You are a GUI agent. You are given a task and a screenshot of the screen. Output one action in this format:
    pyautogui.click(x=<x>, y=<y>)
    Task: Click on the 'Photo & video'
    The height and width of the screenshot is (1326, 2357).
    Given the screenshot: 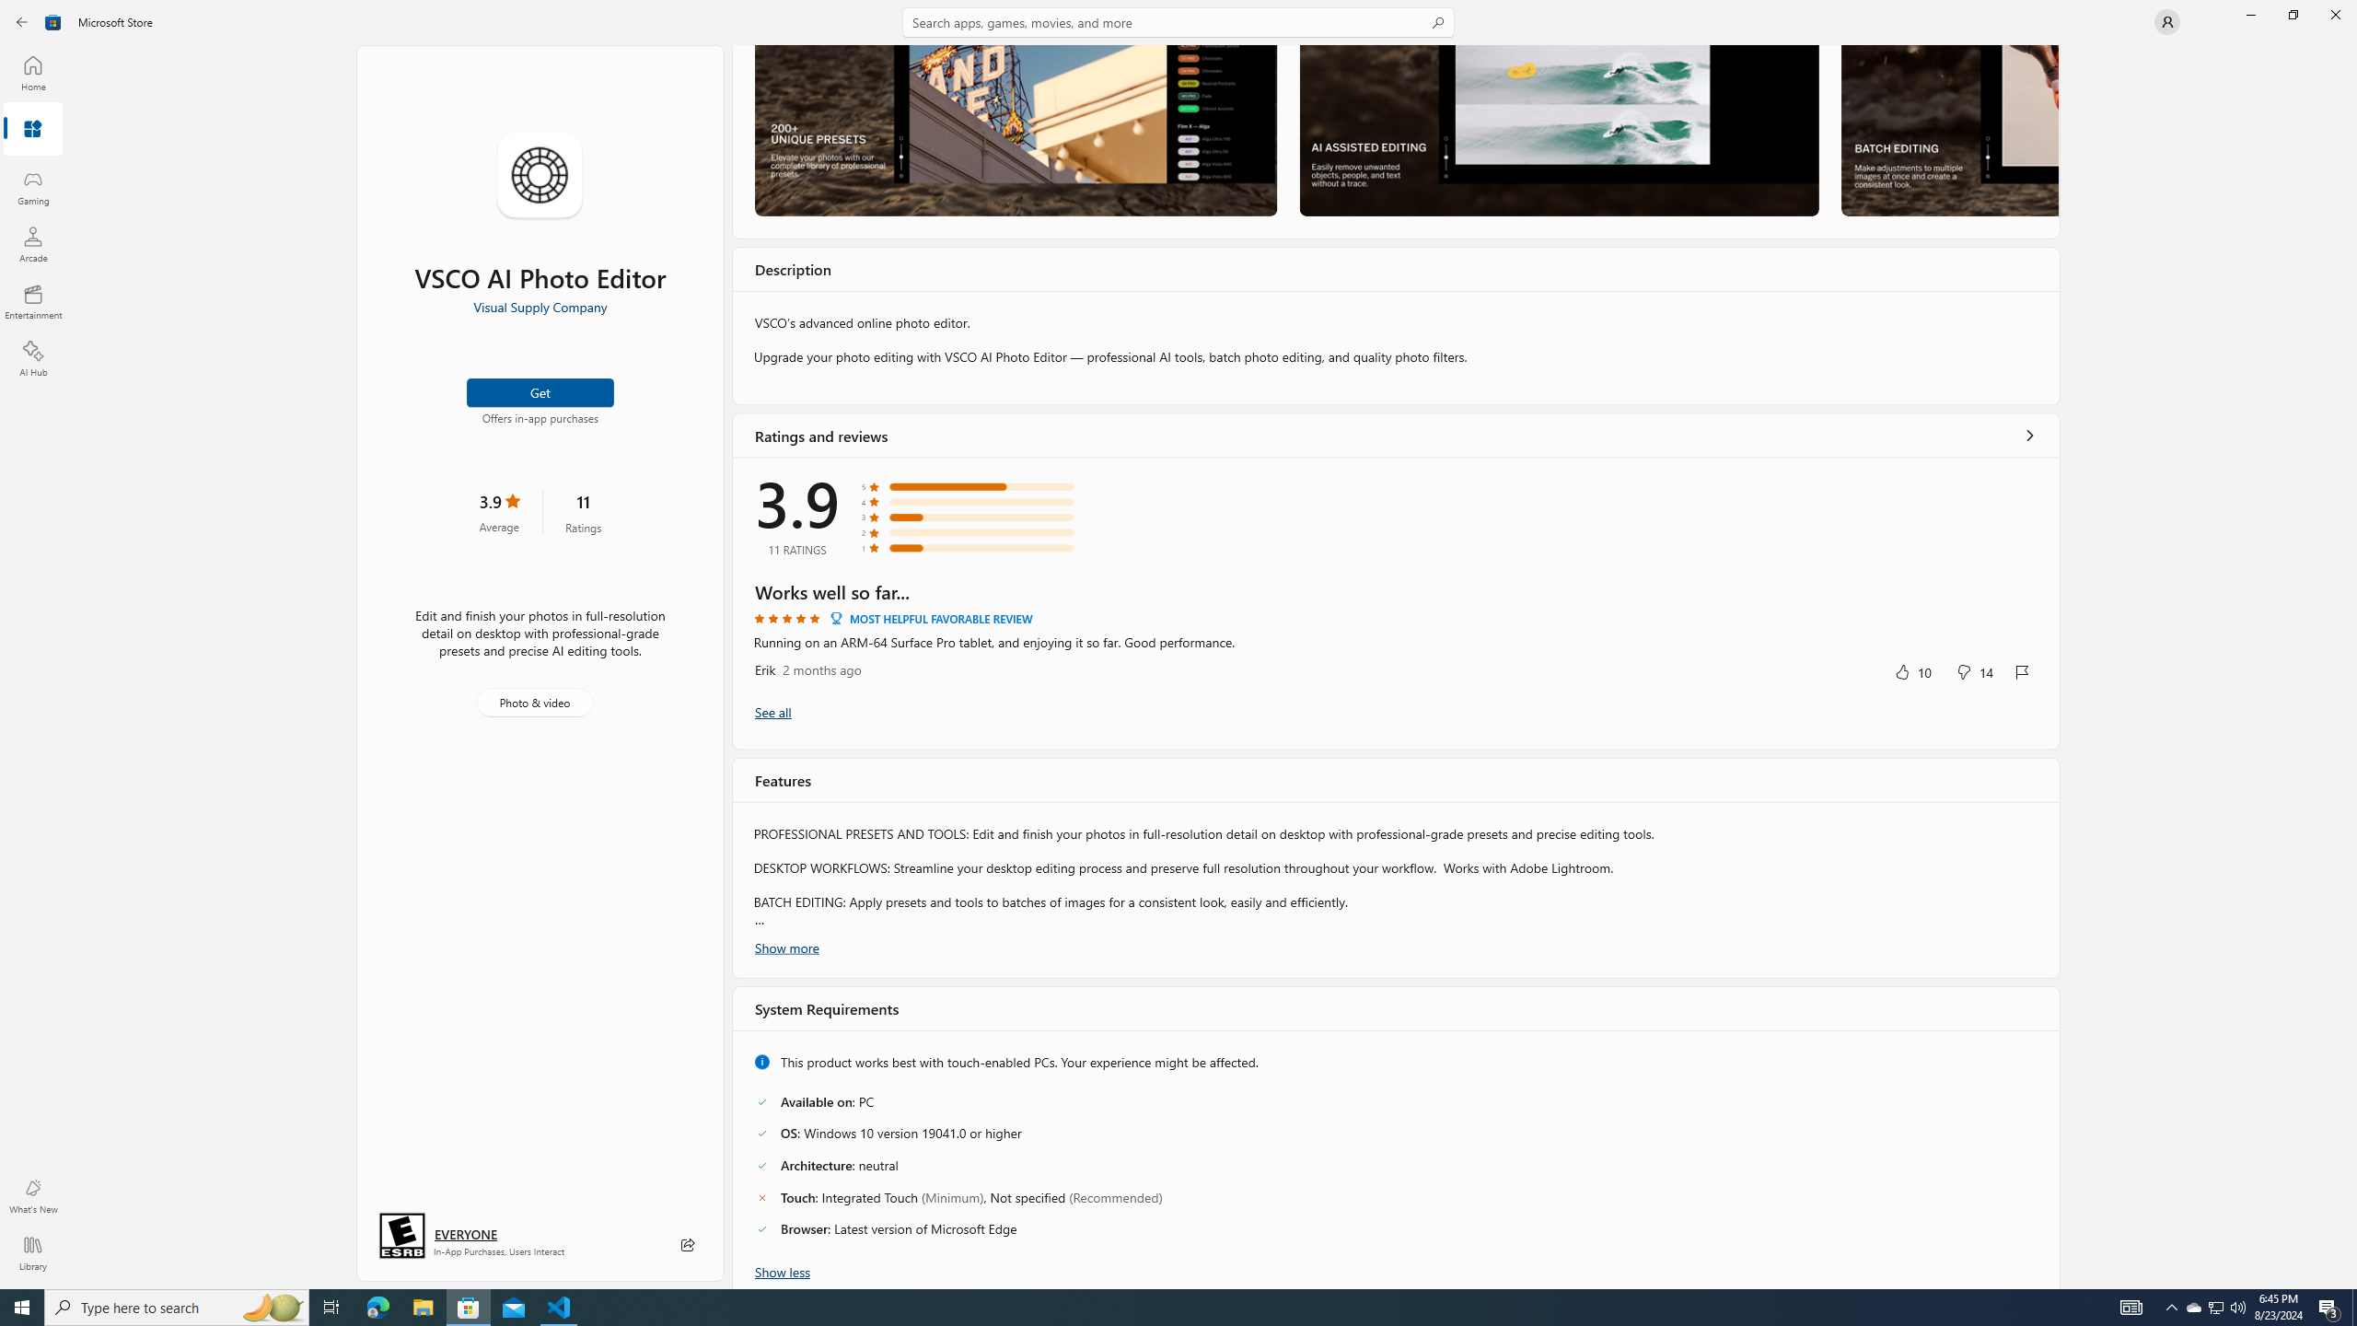 What is the action you would take?
    pyautogui.click(x=532, y=702)
    